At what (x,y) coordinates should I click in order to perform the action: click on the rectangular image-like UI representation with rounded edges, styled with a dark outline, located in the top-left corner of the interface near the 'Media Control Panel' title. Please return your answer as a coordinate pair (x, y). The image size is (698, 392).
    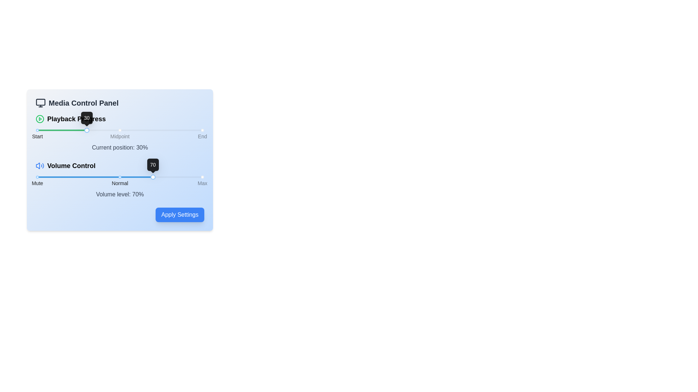
    Looking at the image, I should click on (40, 102).